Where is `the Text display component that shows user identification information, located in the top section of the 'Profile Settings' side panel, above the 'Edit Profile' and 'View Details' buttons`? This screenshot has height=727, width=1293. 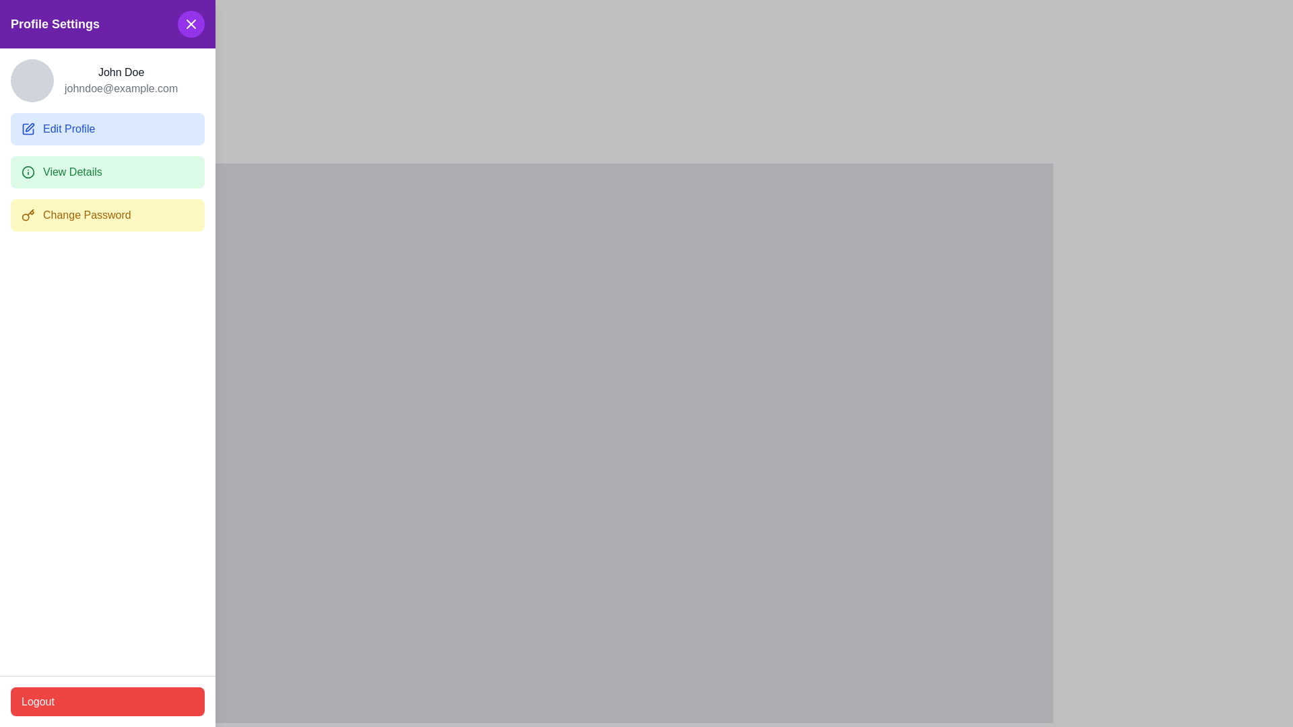 the Text display component that shows user identification information, located in the top section of the 'Profile Settings' side panel, above the 'Edit Profile' and 'View Details' buttons is located at coordinates (121, 80).